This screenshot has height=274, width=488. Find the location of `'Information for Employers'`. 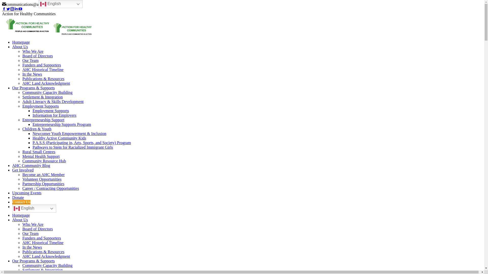

'Information for Employers' is located at coordinates (54, 115).